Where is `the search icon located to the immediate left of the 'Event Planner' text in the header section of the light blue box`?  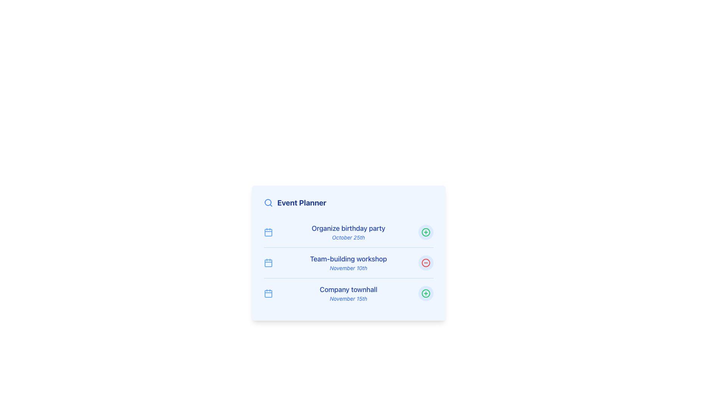
the search icon located to the immediate left of the 'Event Planner' text in the header section of the light blue box is located at coordinates (268, 202).